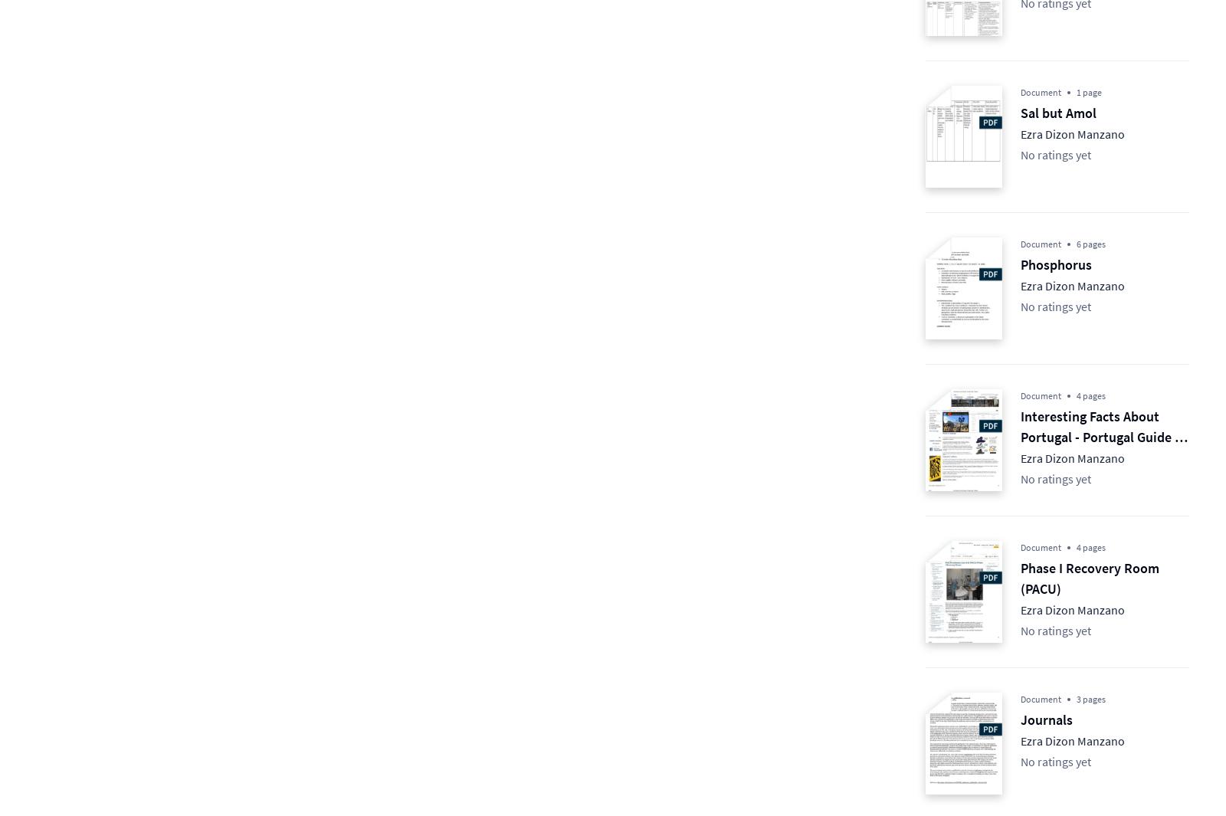 The image size is (1226, 816). Describe the element at coordinates (1090, 578) in the screenshot. I see `'Phase I Recovery Room (PACU)'` at that location.